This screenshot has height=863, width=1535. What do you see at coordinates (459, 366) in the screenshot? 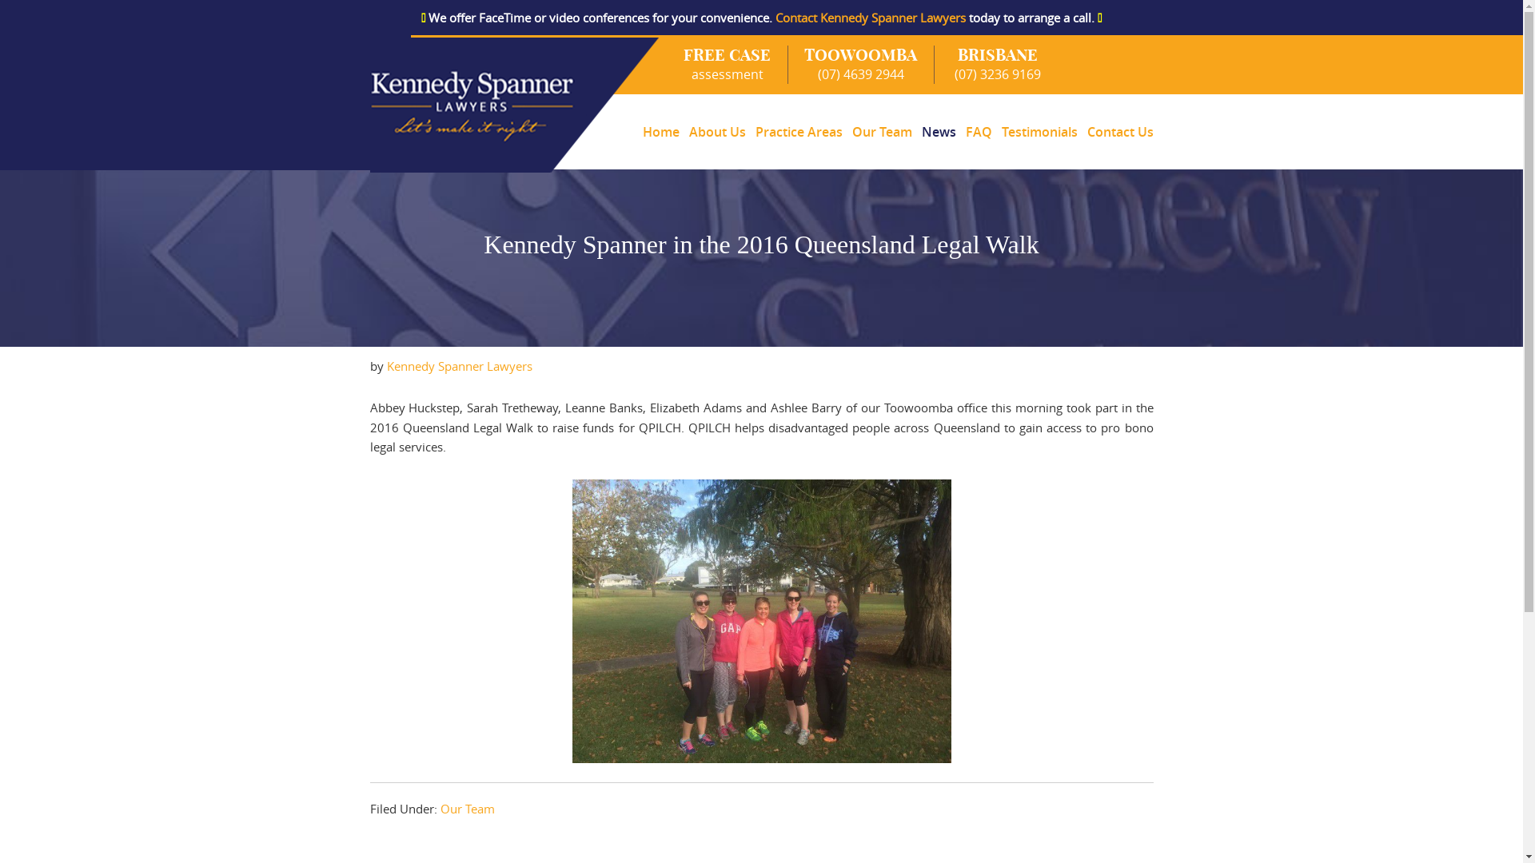
I see `'Kennedy Spanner Lawyers'` at bounding box center [459, 366].